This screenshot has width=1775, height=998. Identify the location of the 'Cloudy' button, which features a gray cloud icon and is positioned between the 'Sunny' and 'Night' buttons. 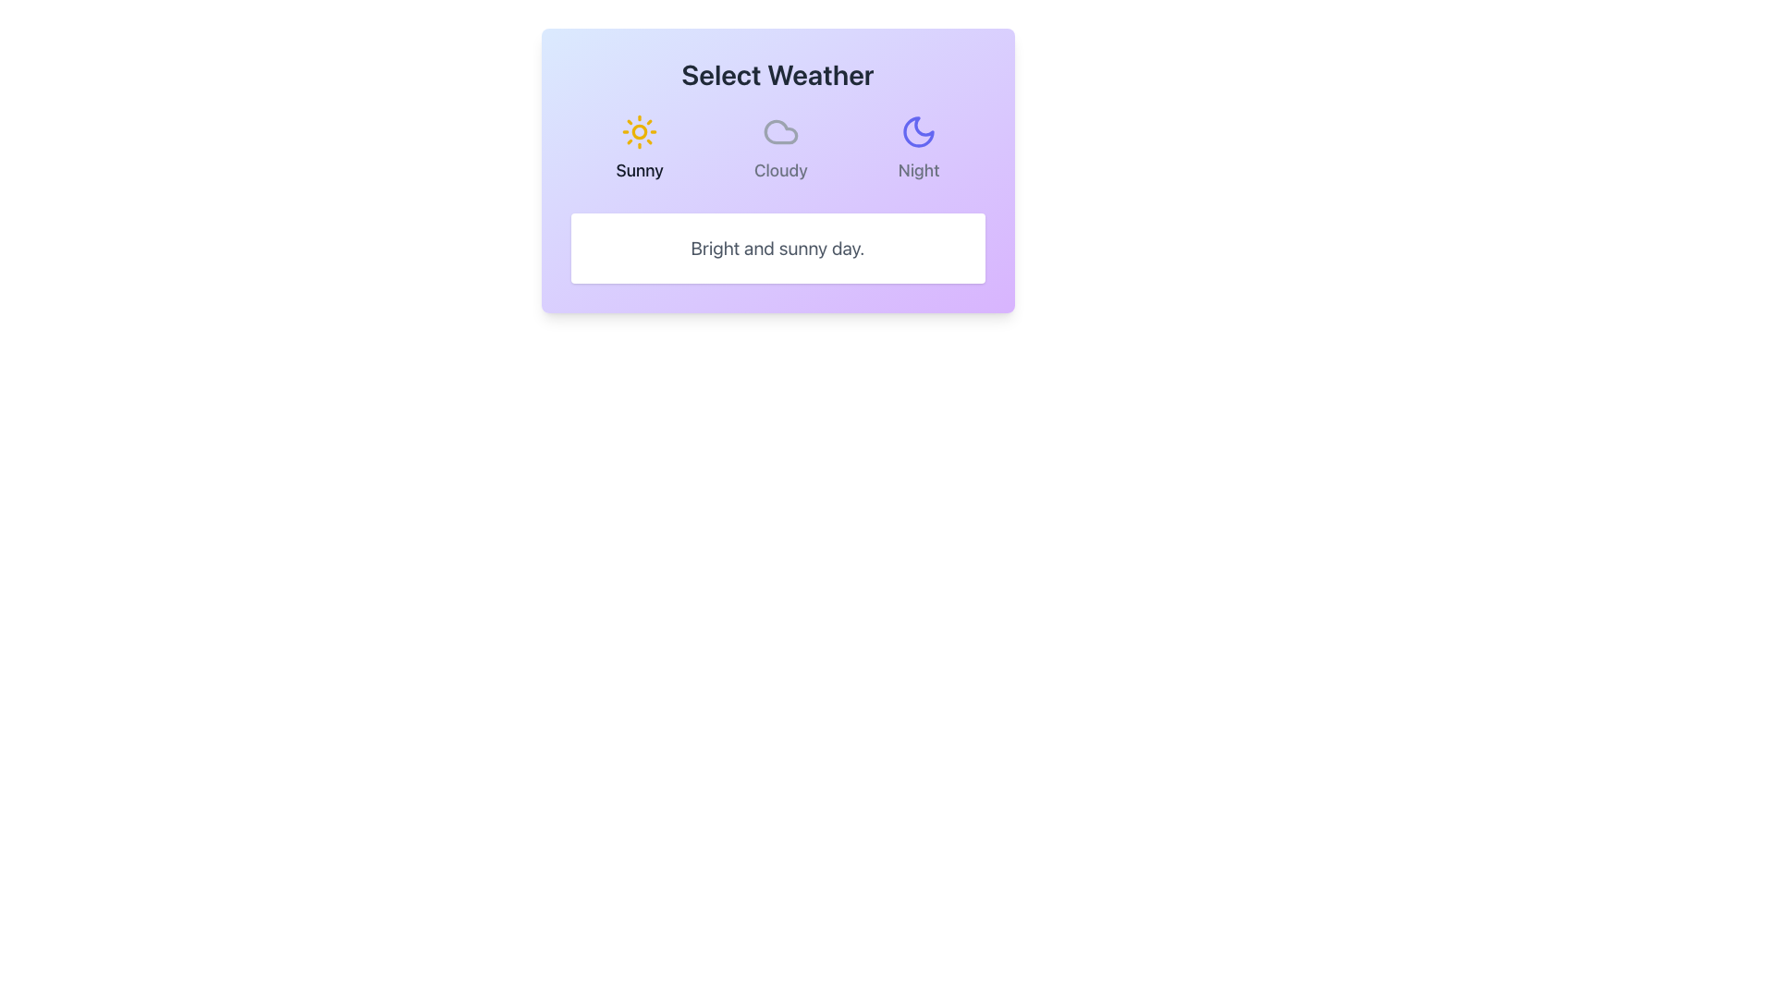
(780, 148).